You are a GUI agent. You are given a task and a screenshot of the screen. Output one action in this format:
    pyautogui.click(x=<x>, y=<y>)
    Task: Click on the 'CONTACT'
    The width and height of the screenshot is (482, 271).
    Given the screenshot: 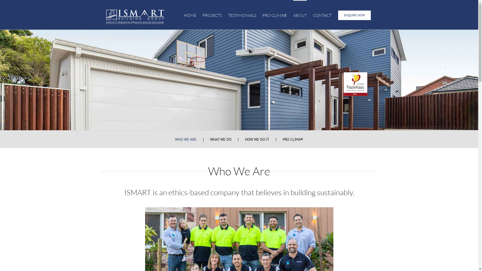 What is the action you would take?
    pyautogui.click(x=322, y=14)
    